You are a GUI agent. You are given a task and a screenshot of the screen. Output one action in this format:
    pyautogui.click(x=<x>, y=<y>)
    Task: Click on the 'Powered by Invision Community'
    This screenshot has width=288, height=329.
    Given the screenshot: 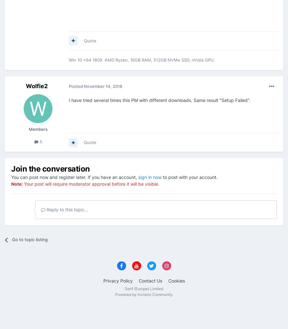 What is the action you would take?
    pyautogui.click(x=144, y=294)
    